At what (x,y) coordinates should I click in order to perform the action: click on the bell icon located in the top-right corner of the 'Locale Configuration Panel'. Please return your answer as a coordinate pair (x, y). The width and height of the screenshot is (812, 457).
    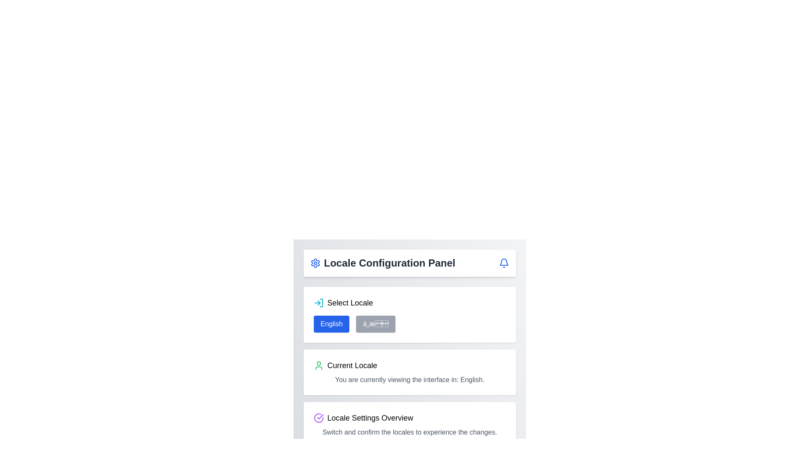
    Looking at the image, I should click on (504, 262).